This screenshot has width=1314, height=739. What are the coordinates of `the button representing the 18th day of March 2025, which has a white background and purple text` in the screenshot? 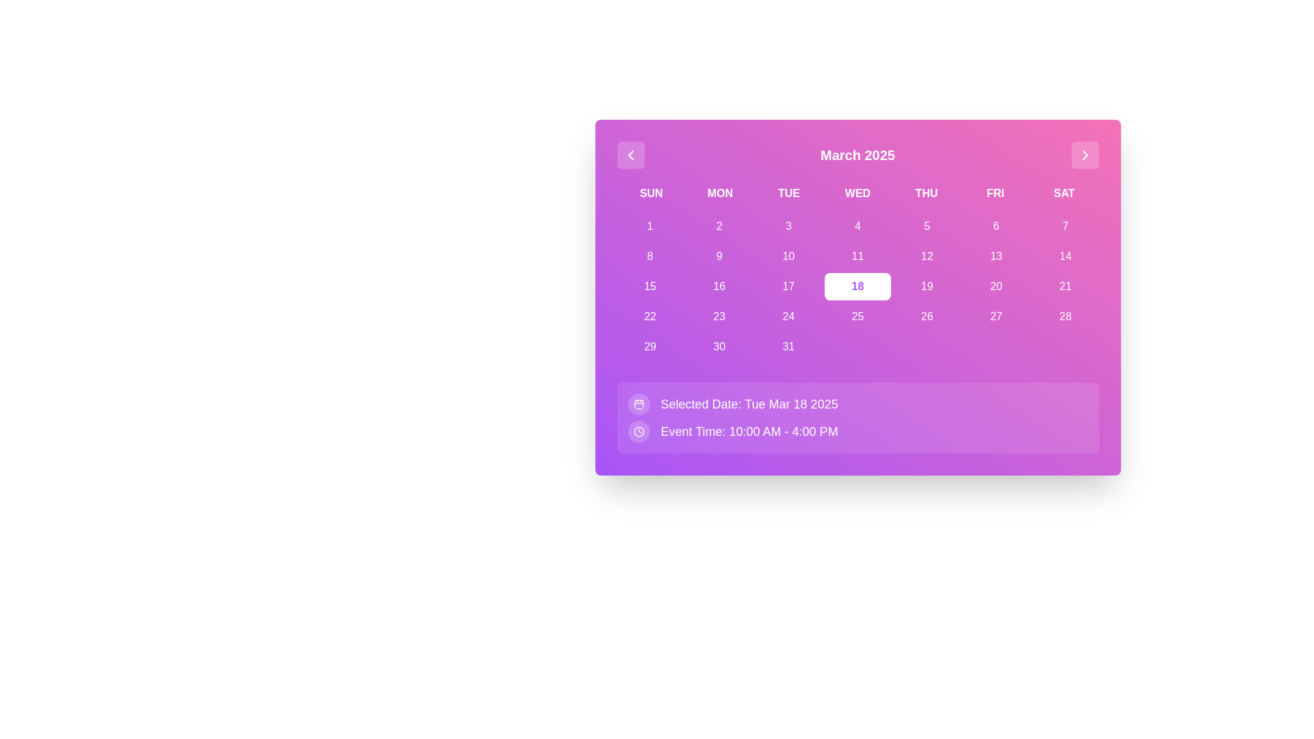 It's located at (857, 286).